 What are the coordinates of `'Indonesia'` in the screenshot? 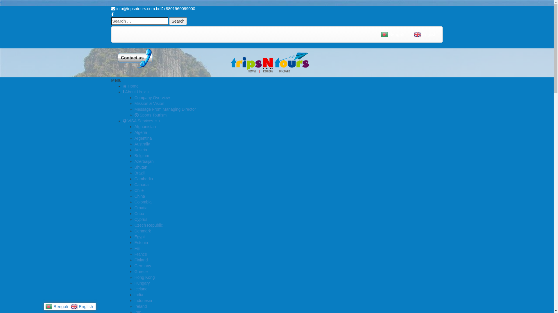 It's located at (134, 300).